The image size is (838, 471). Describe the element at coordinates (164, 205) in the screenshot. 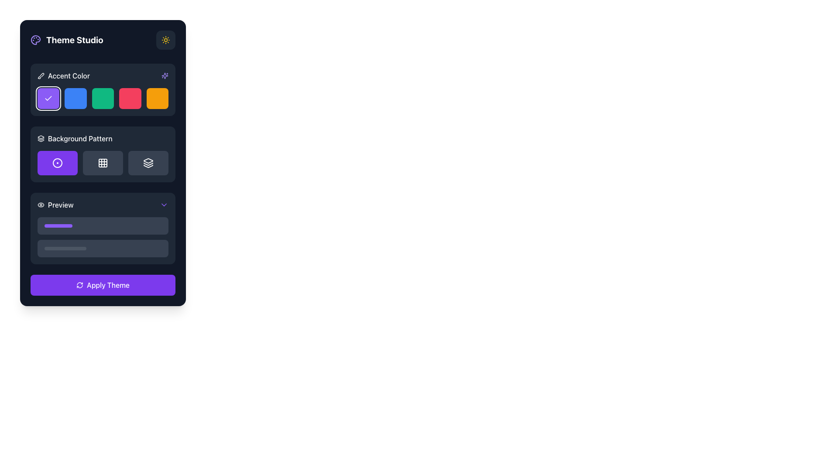

I see `the Chevron icon located in the 'Preview' section` at that location.